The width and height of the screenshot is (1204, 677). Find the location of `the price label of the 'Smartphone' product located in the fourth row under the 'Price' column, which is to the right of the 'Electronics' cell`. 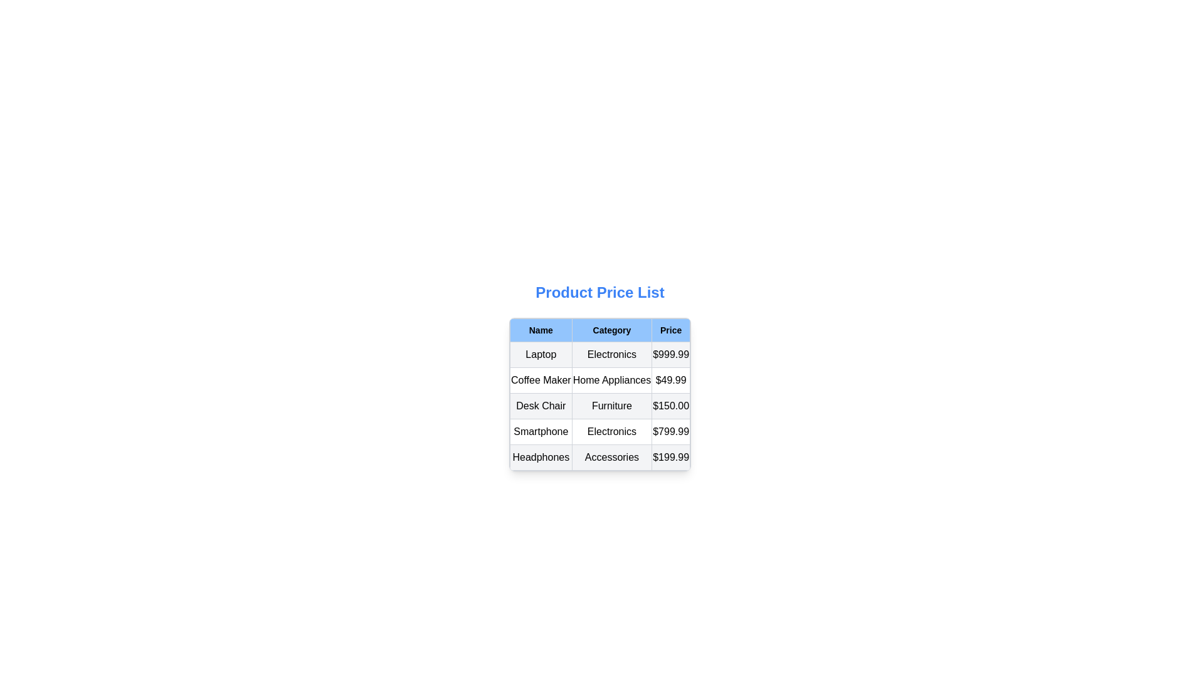

the price label of the 'Smartphone' product located in the fourth row under the 'Price' column, which is to the right of the 'Electronics' cell is located at coordinates (670, 431).